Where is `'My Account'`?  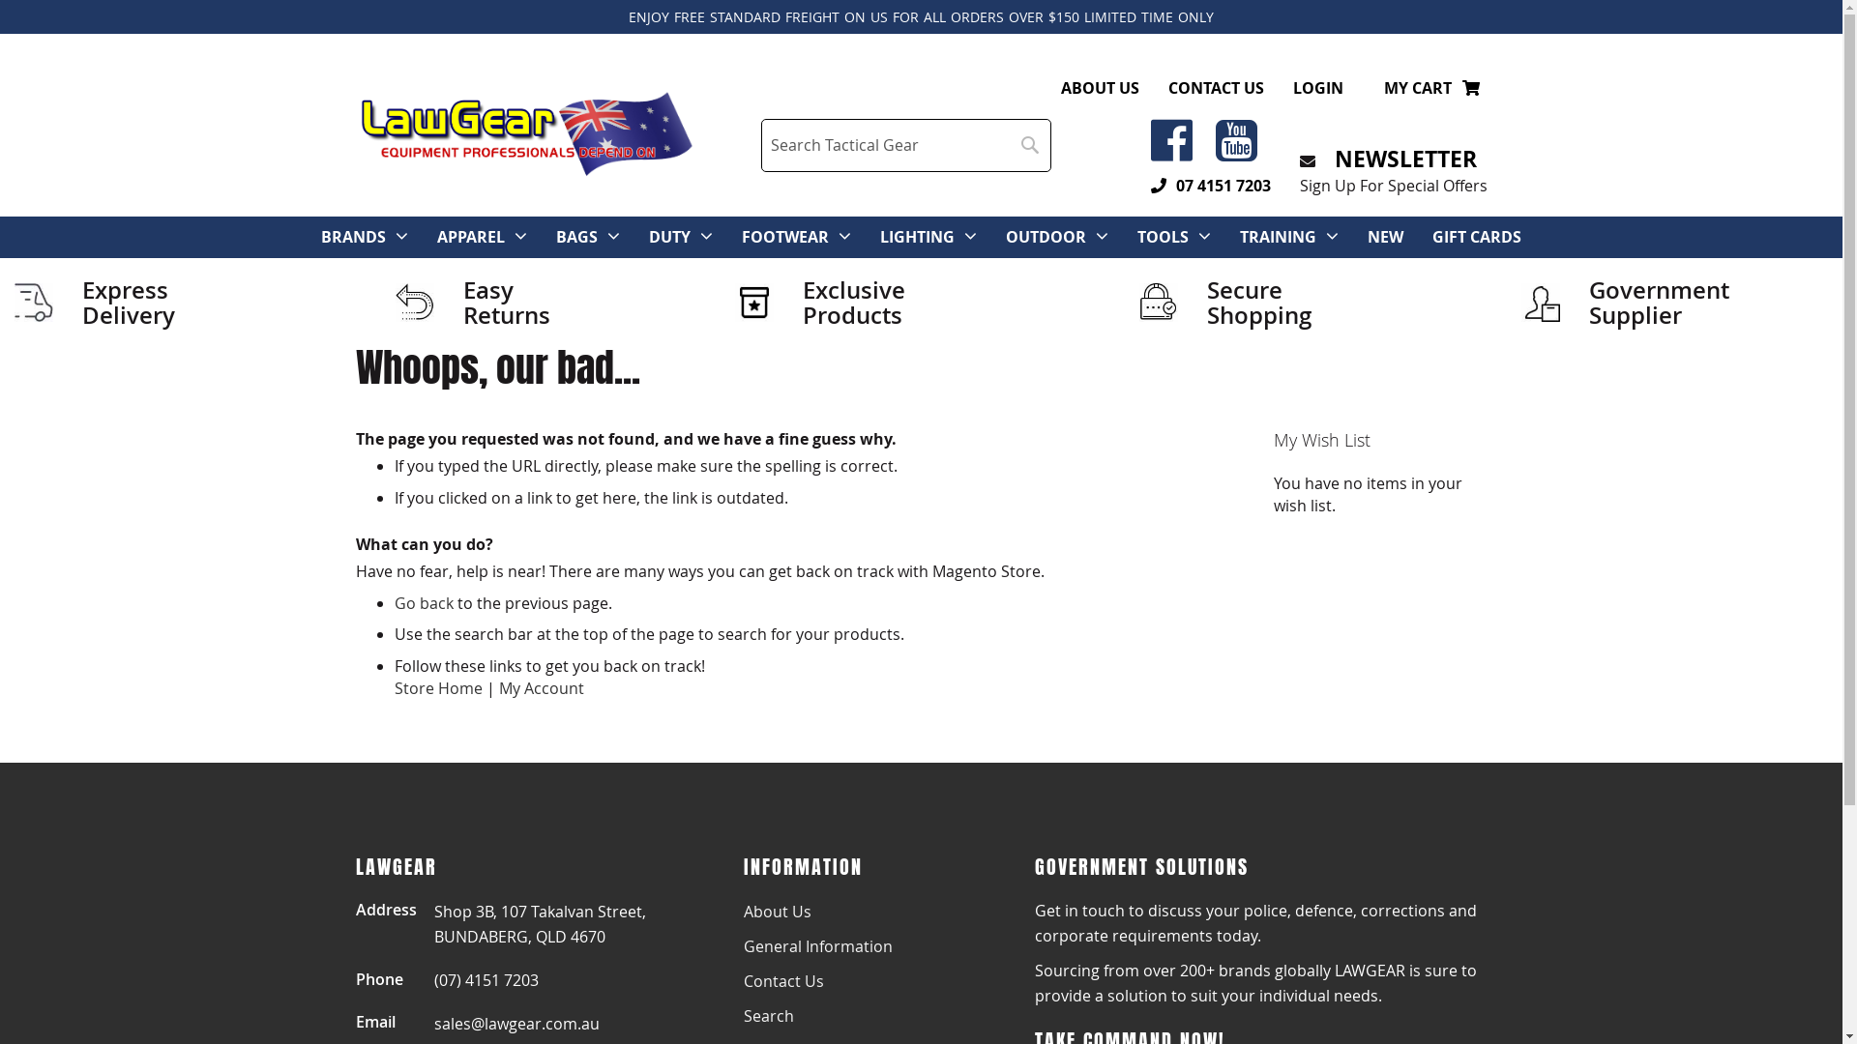 'My Account' is located at coordinates (542, 687).